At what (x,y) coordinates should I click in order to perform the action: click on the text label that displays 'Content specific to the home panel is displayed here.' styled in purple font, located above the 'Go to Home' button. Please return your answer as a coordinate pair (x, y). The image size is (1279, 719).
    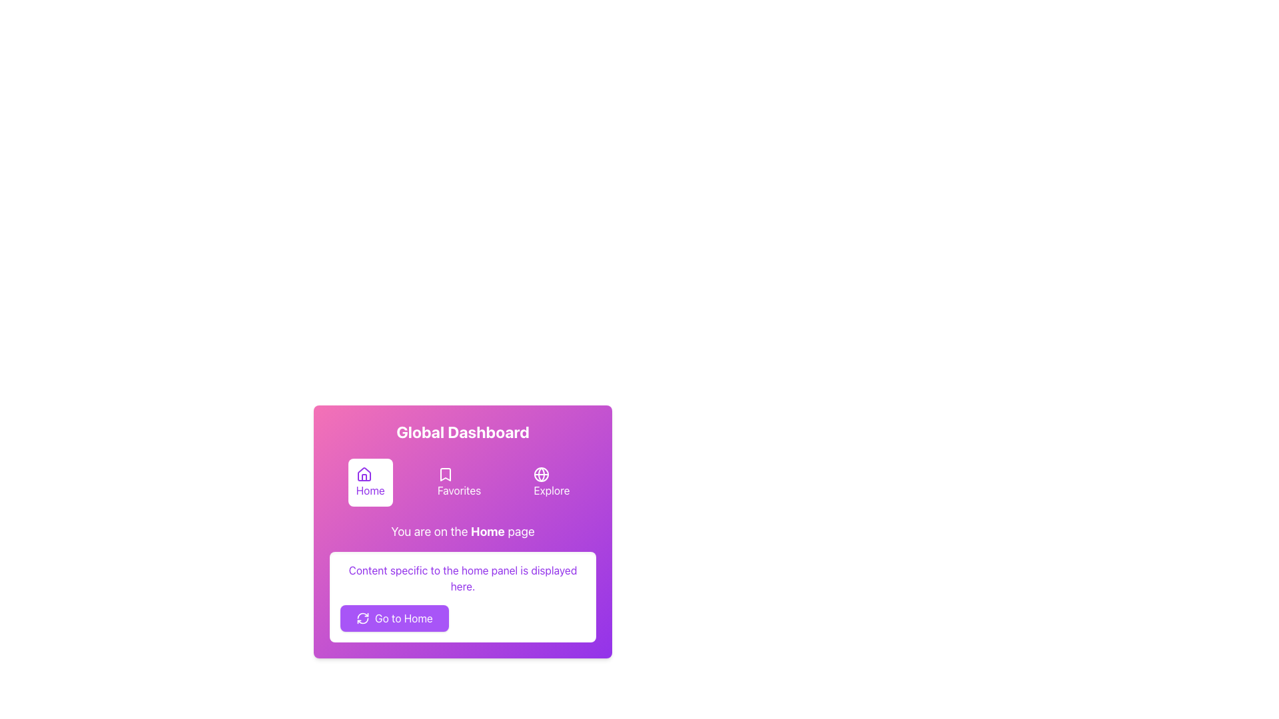
    Looking at the image, I should click on (463, 577).